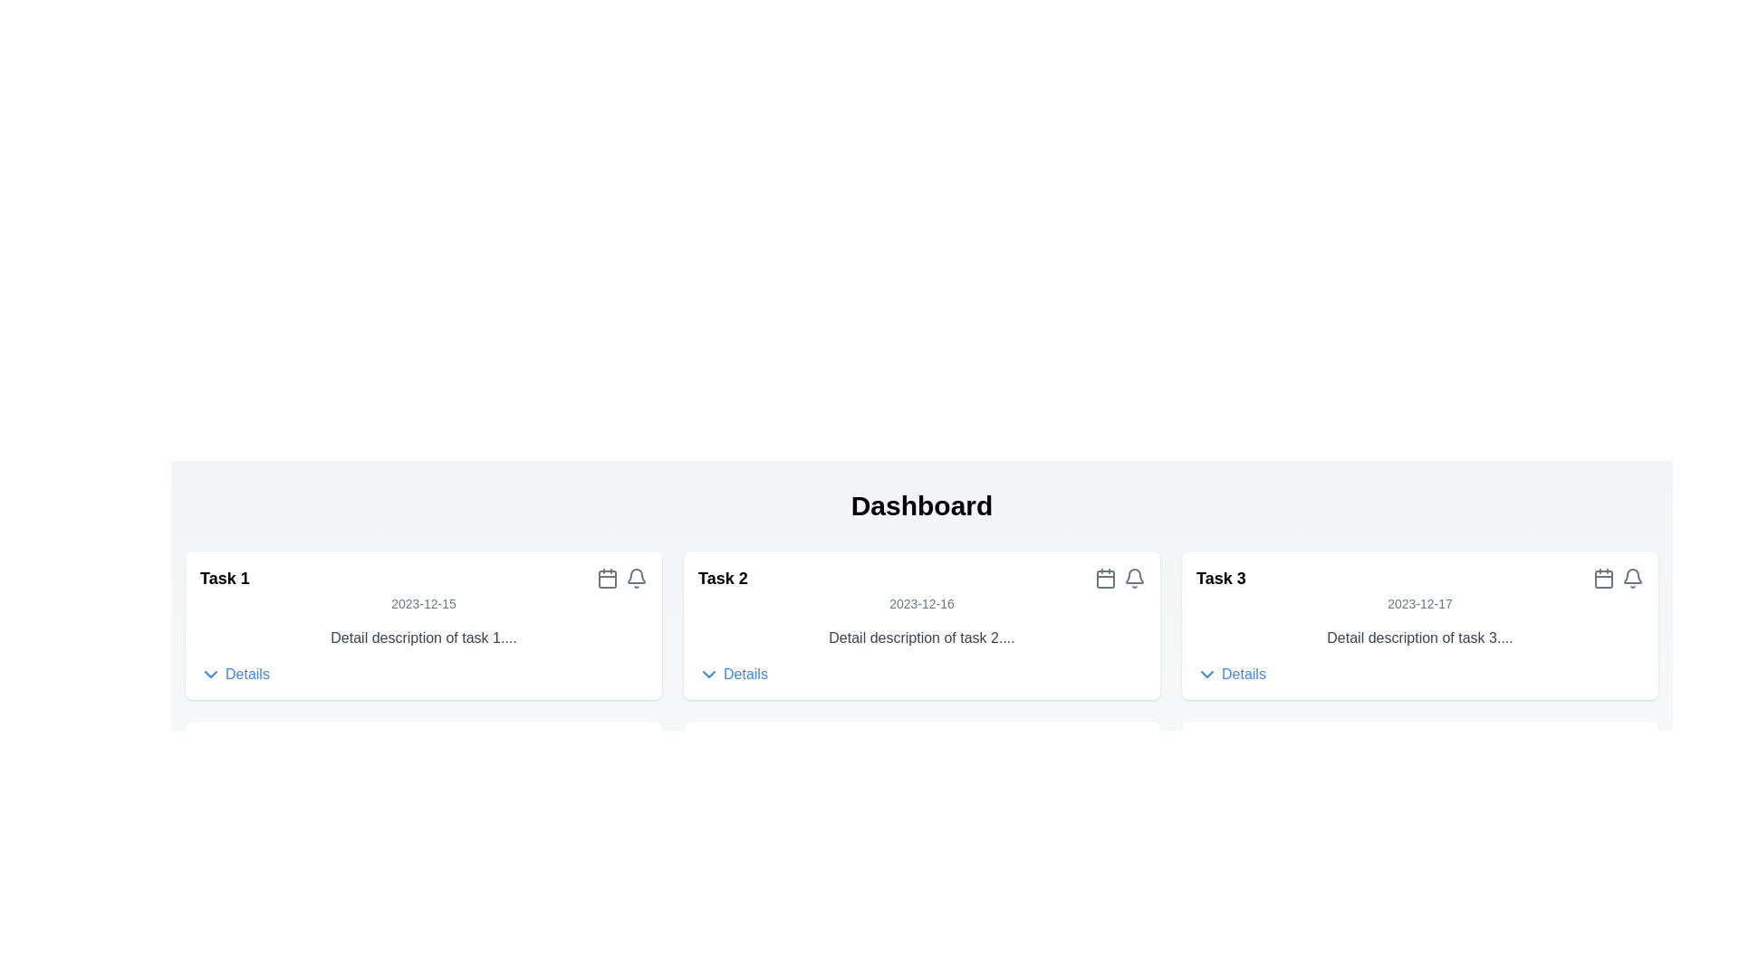 The height and width of the screenshot is (978, 1739). I want to click on the text label reading 'Task 1', so click(224, 579).